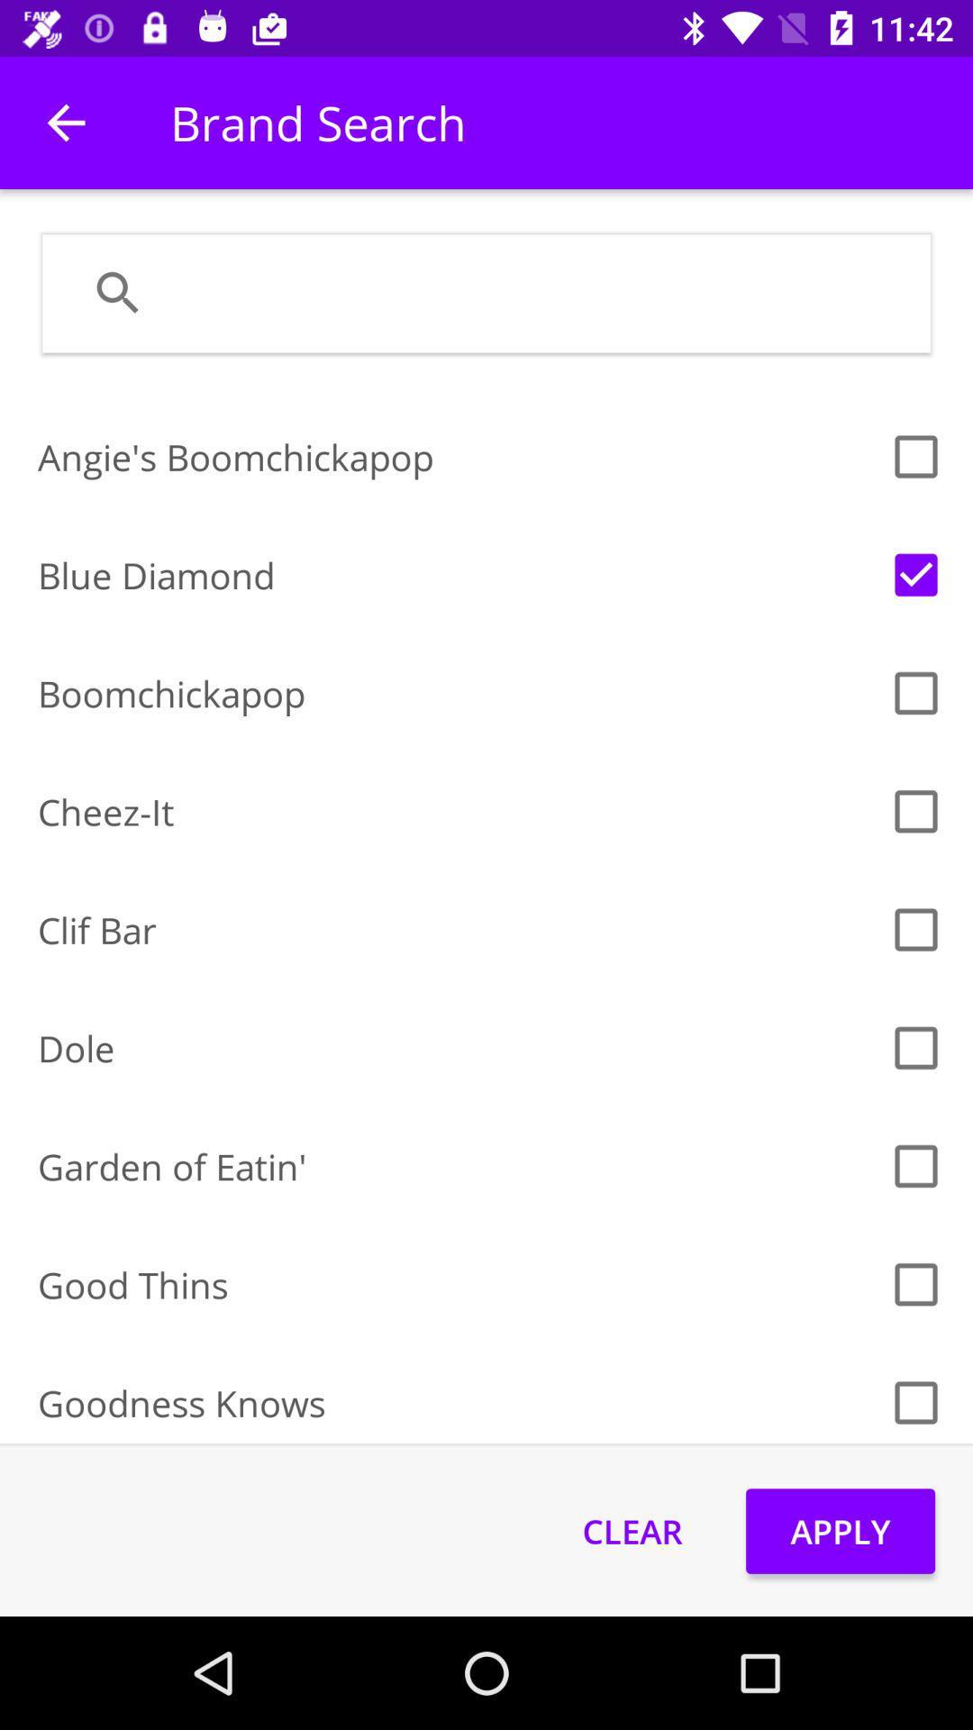  I want to click on item next to brand search, so click(65, 122).